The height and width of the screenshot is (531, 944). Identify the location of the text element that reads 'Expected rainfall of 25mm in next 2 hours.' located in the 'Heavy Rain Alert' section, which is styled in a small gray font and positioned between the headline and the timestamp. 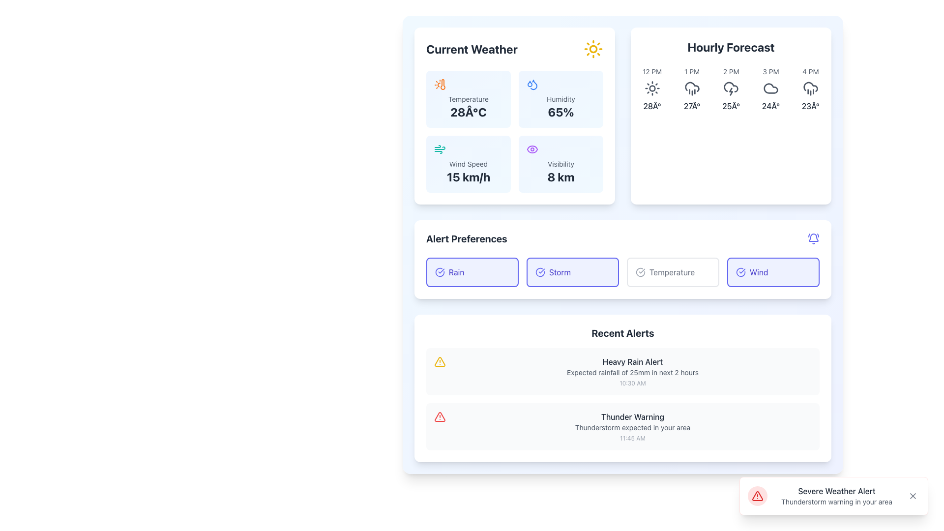
(632, 373).